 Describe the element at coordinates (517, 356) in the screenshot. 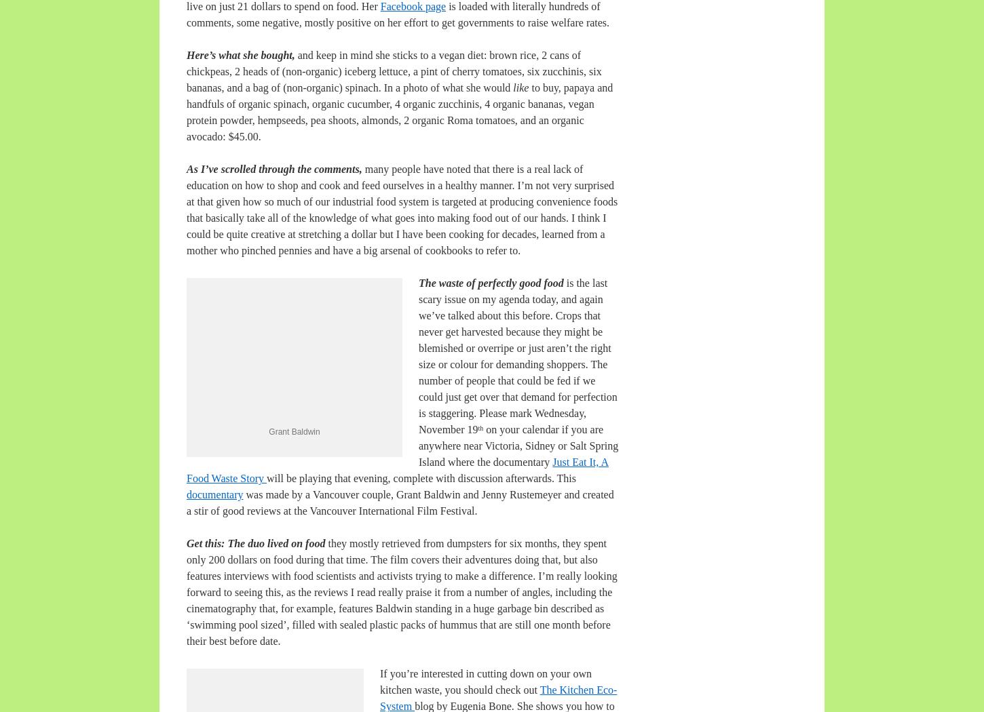

I see `'is the last scary issue on my agenda today, and again we’ve talked about this before. Crops that never get harvested because they might be blemished or overripe or just aren’t the right size or colour for demanding shoppers. The number of people that could be fed if we could just get over that demand for perfection is staggering. Please mark Wednesday, November 19'` at that location.